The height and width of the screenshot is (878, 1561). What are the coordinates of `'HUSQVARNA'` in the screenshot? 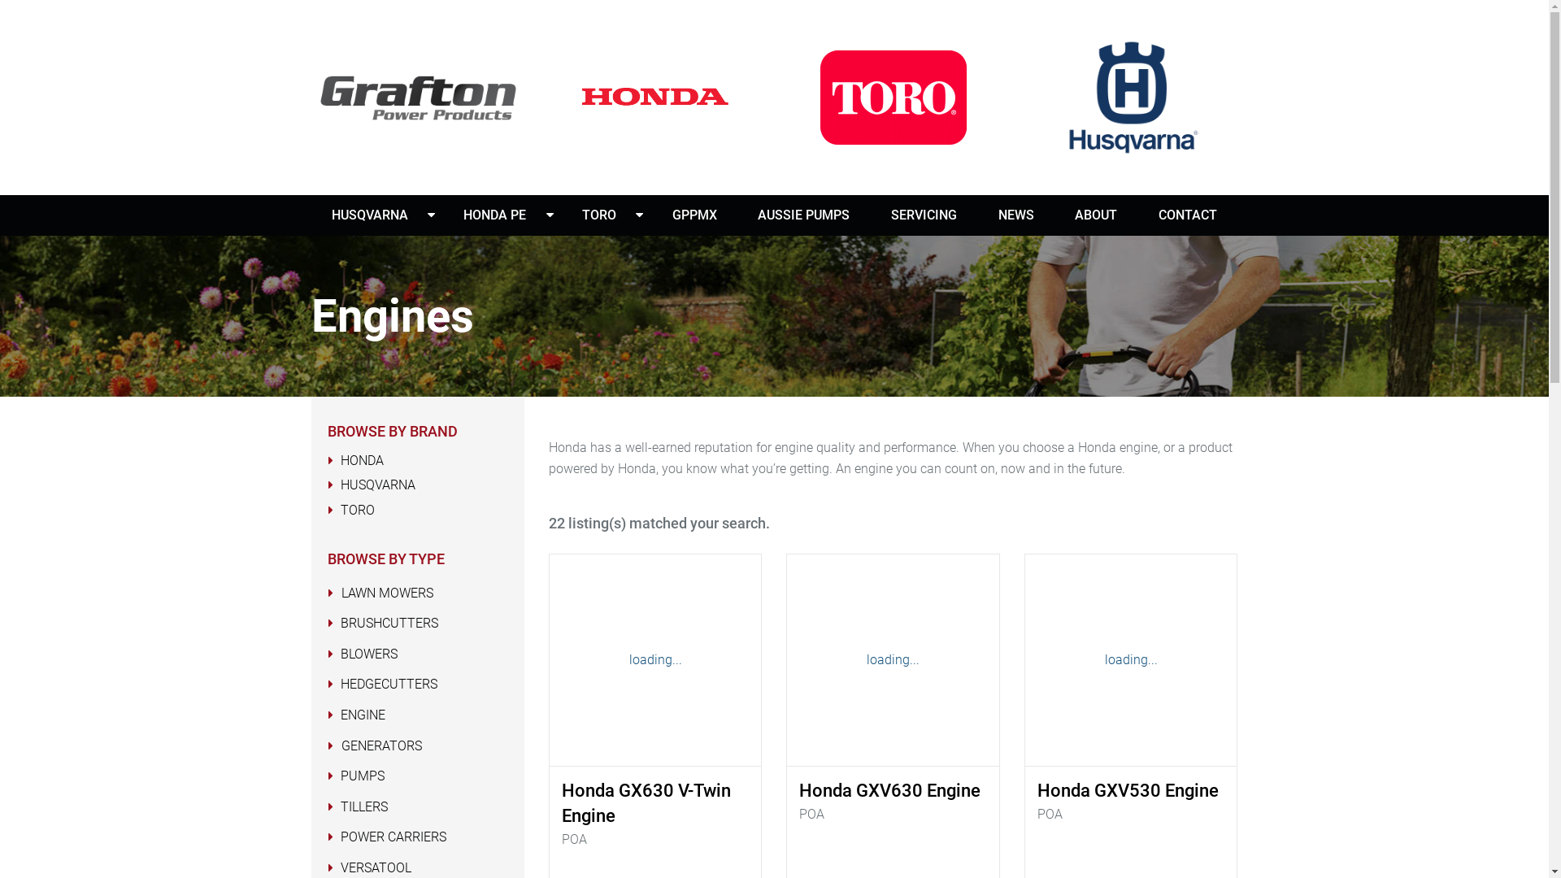 It's located at (368, 215).